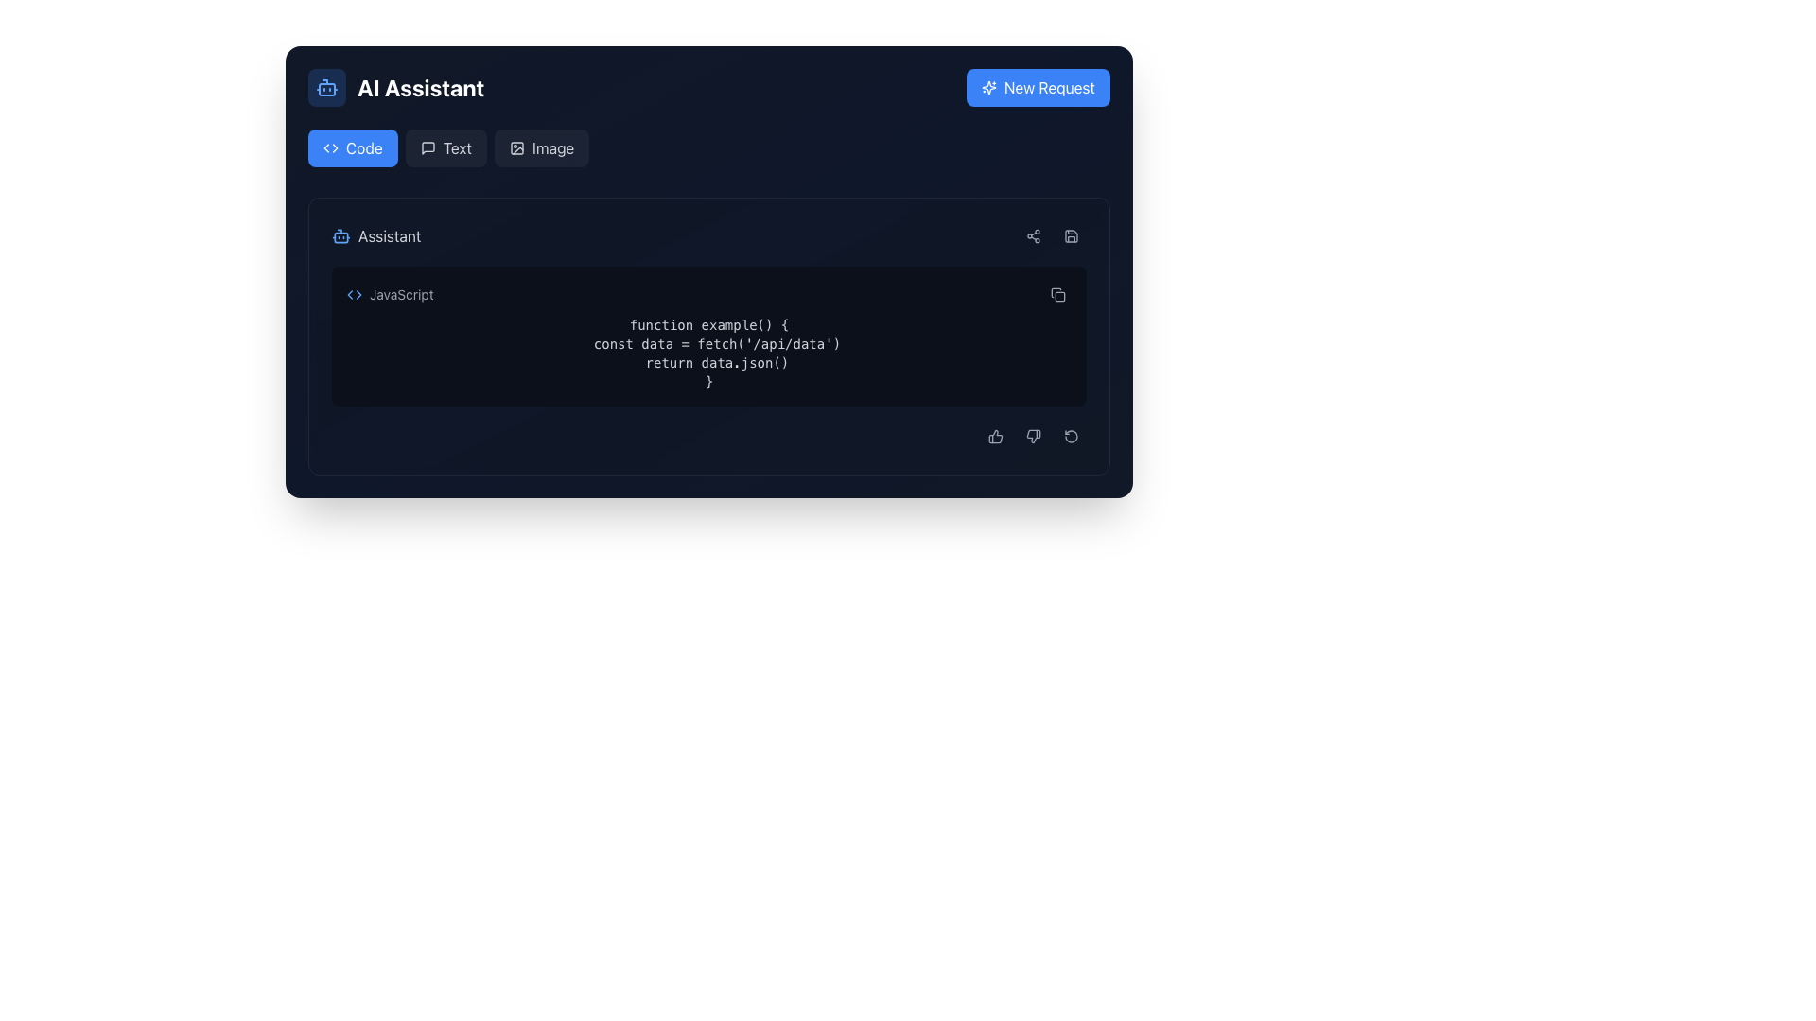  Describe the element at coordinates (331, 147) in the screenshot. I see `the icon element representing a pair of chevrons pointing in opposite directions, which is located within the 'Code' button in the top-left region of the interface` at that location.